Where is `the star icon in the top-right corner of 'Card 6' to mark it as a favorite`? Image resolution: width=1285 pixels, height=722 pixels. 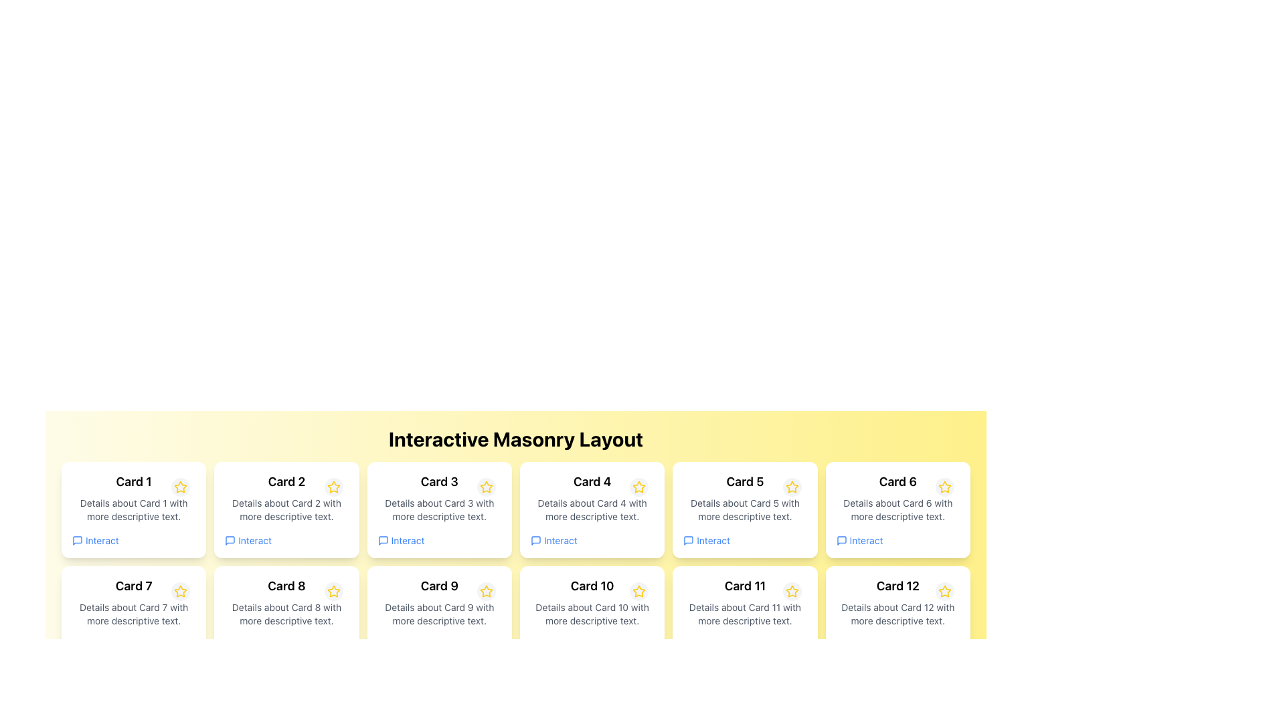 the star icon in the top-right corner of 'Card 6' to mark it as a favorite is located at coordinates (944, 487).